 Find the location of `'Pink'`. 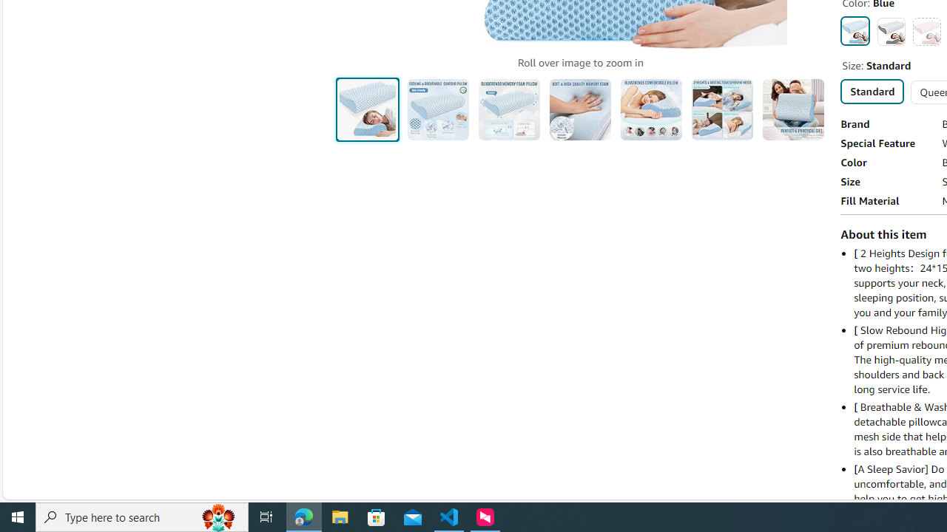

'Pink' is located at coordinates (926, 31).